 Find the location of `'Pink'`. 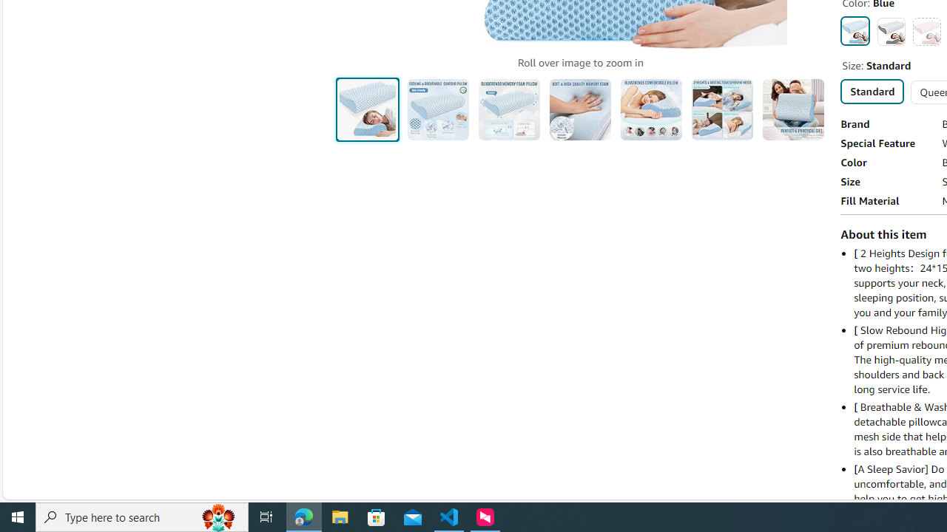

'Pink' is located at coordinates (926, 31).